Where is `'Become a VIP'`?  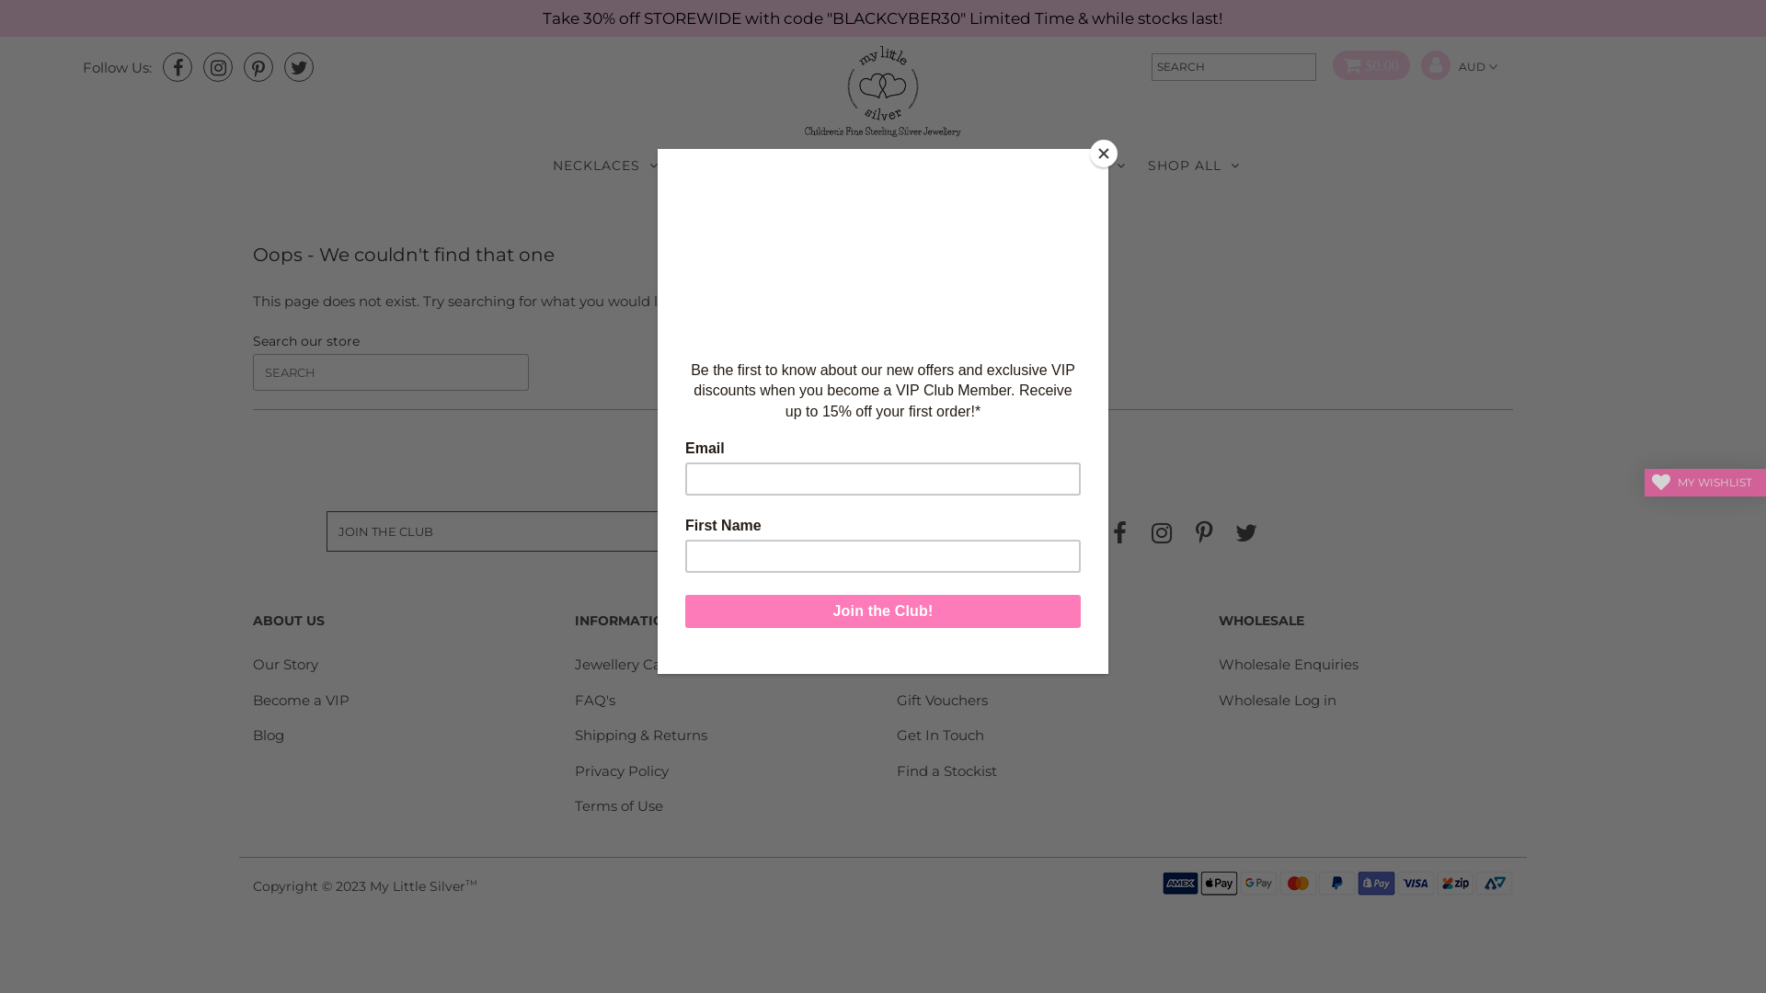
'Become a VIP' is located at coordinates (301, 700).